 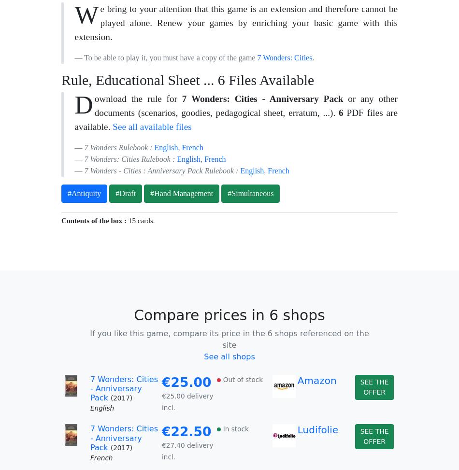 I want to click on 'Weight', so click(x=80, y=80).